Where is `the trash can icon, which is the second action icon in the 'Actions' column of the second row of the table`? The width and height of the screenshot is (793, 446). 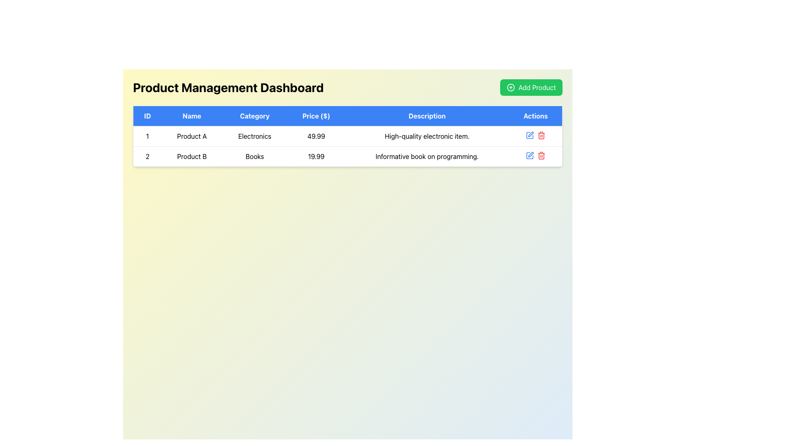 the trash can icon, which is the second action icon in the 'Actions' column of the second row of the table is located at coordinates (541, 156).